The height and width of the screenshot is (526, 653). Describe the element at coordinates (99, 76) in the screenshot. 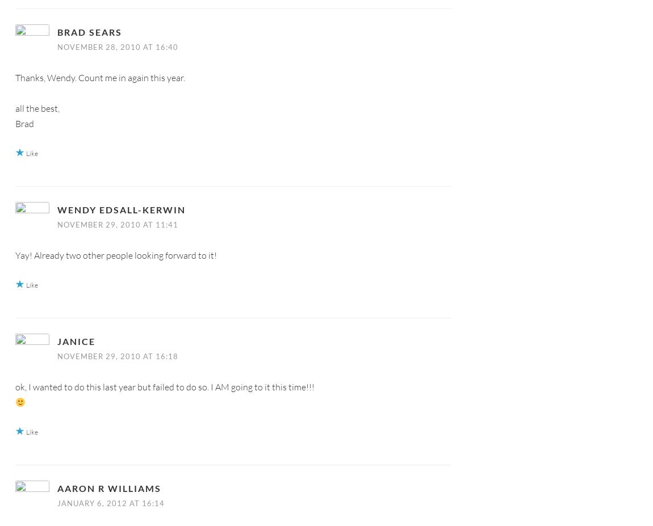

I see `'Thanks, Wendy.  Count me in again this year.'` at that location.